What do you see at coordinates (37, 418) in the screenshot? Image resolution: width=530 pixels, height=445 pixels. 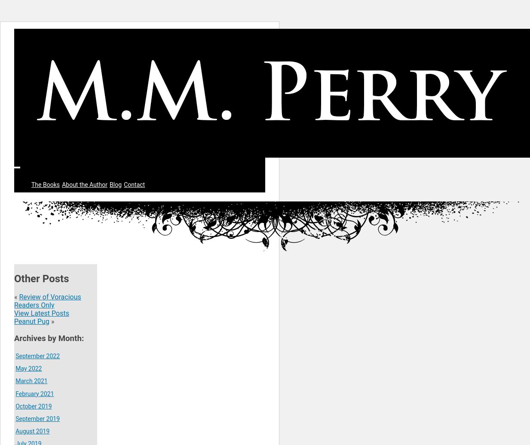 I see `'September 2019'` at bounding box center [37, 418].